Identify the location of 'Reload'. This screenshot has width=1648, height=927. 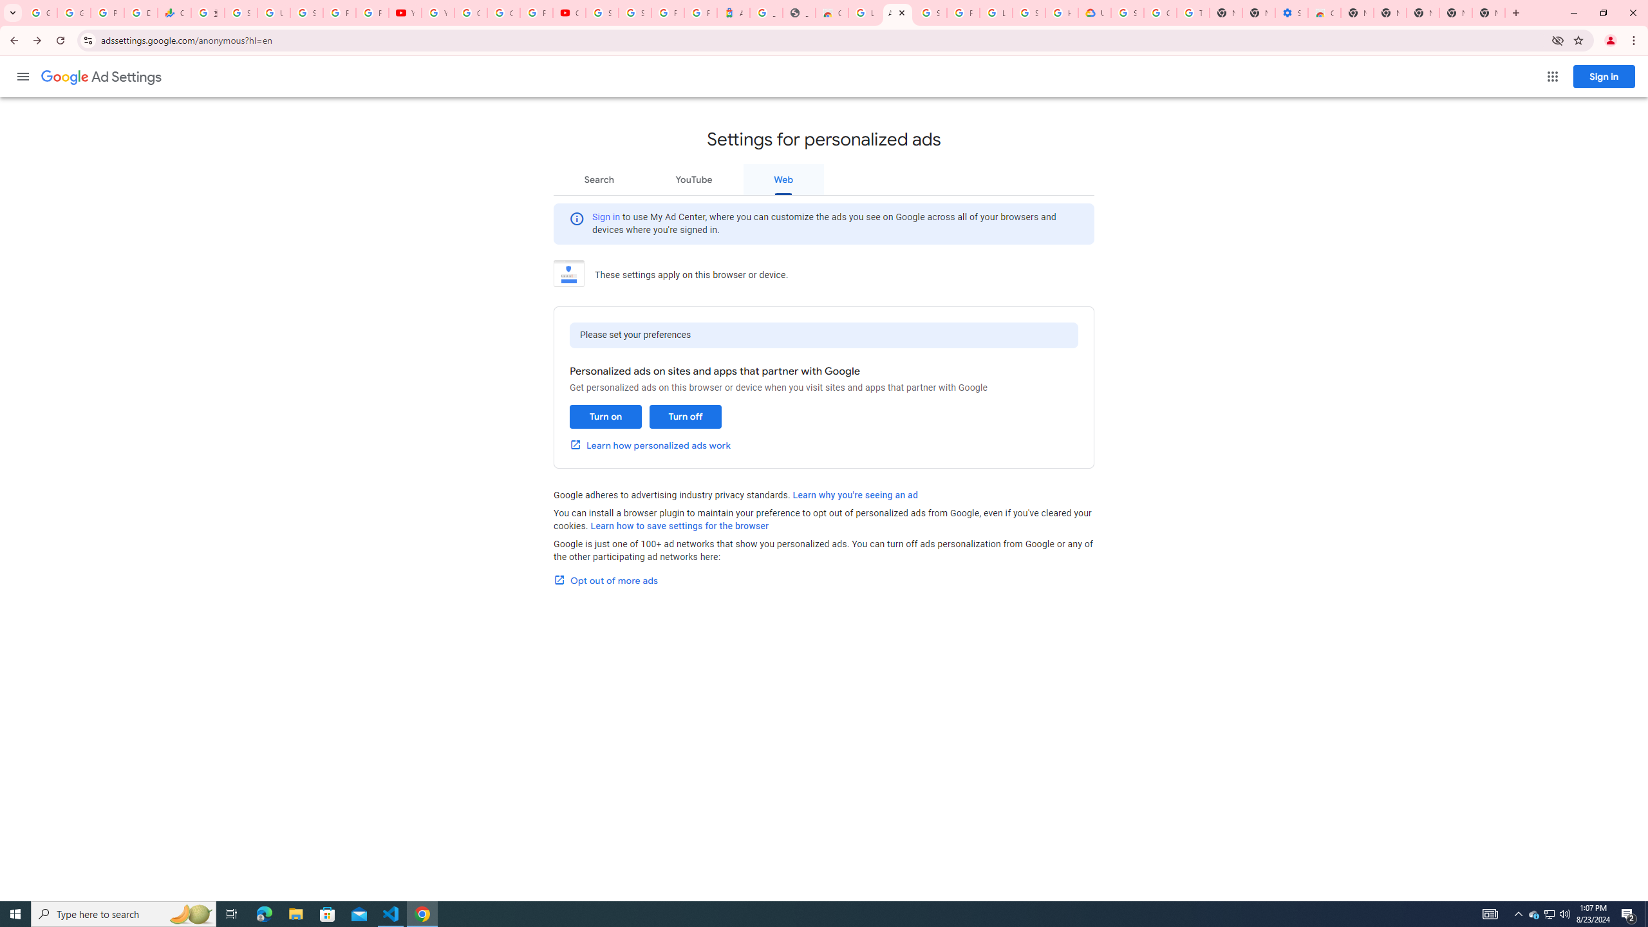
(60, 40).